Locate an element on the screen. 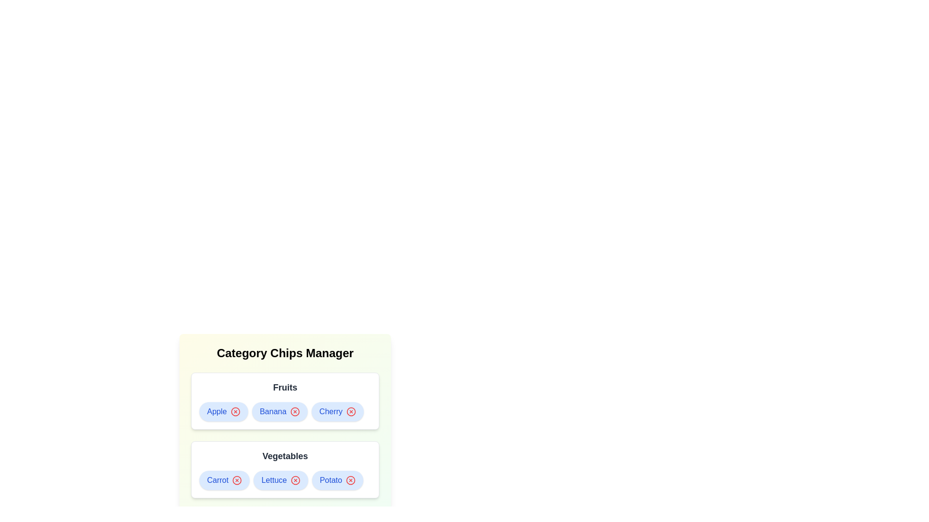 Image resolution: width=929 pixels, height=522 pixels. remove button for the chip labeled Carrot is located at coordinates (237, 480).